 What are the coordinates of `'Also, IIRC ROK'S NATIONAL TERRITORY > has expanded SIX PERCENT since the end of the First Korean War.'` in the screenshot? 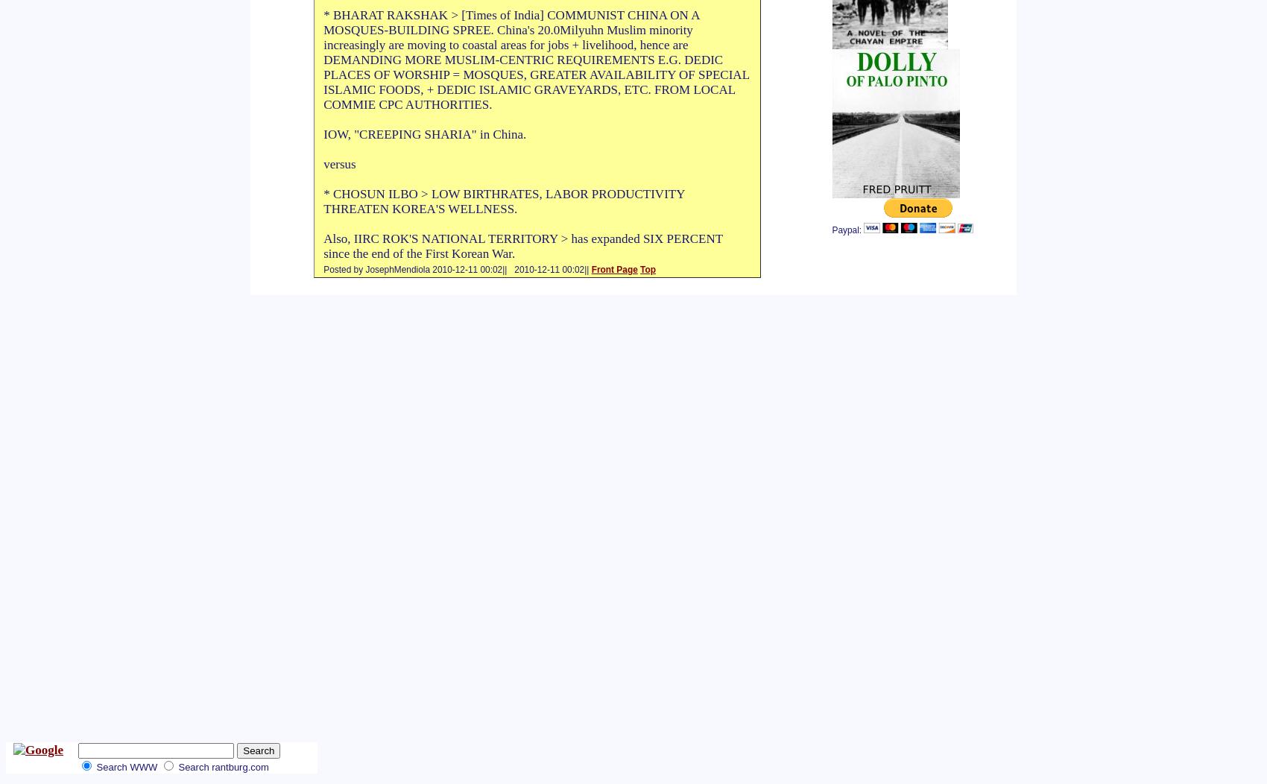 It's located at (522, 245).